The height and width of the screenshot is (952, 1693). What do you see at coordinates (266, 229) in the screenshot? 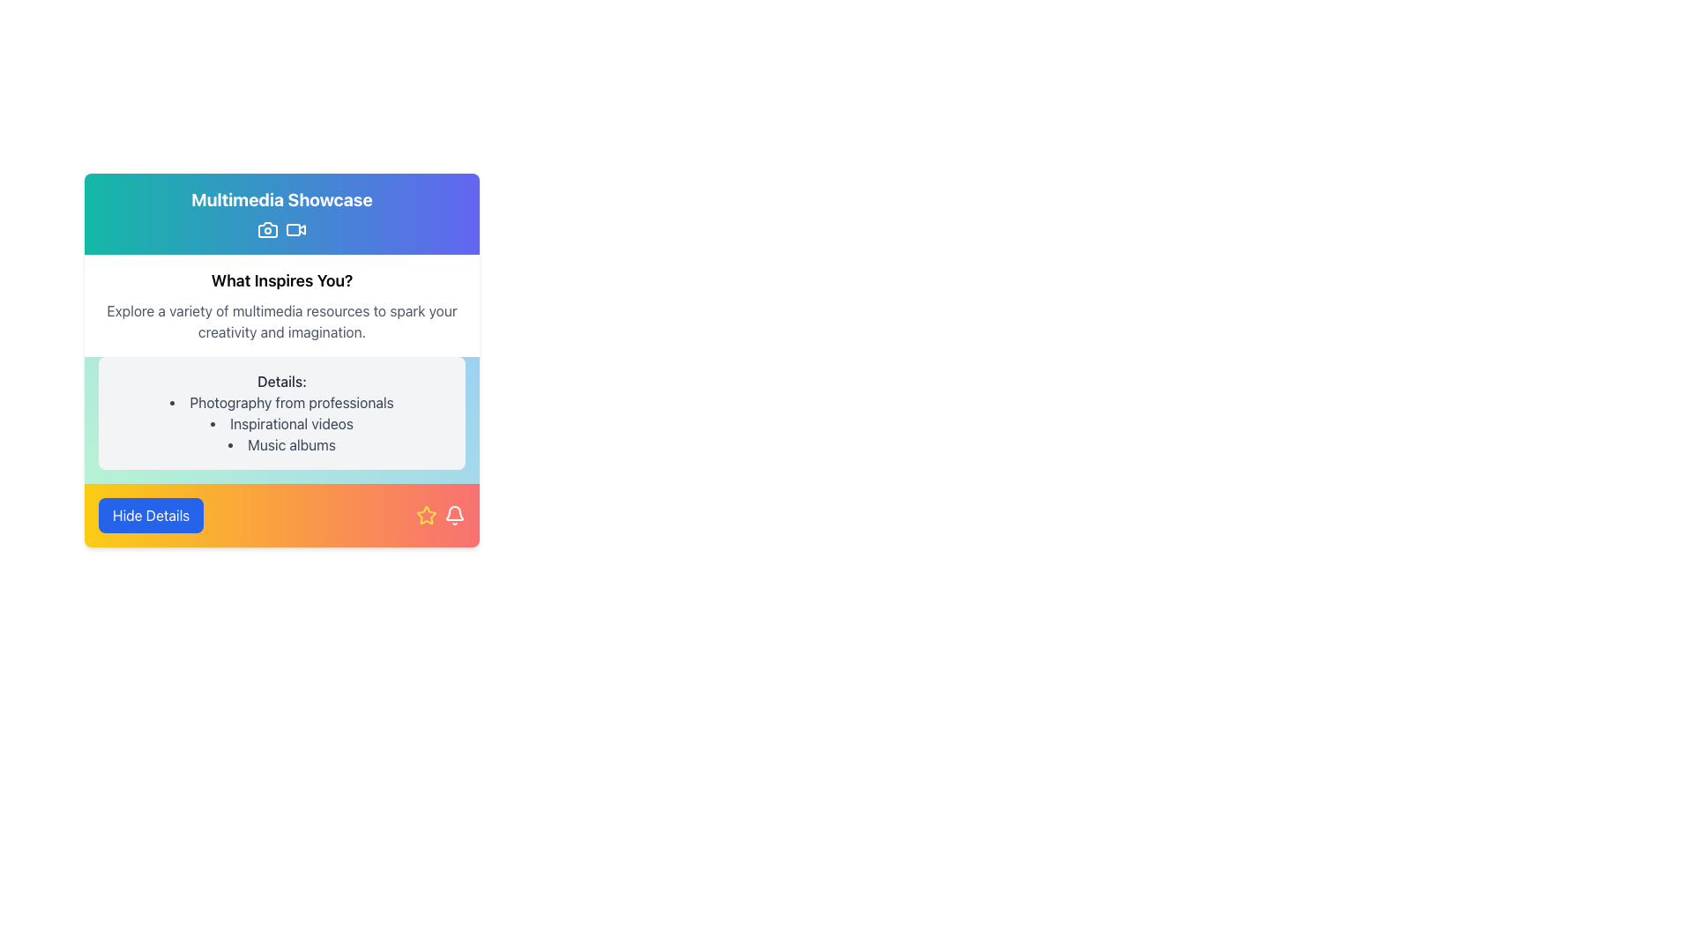
I see `the camera icon located to the left in the horizontal icon group under the 'Multimedia Showcase' title` at bounding box center [266, 229].